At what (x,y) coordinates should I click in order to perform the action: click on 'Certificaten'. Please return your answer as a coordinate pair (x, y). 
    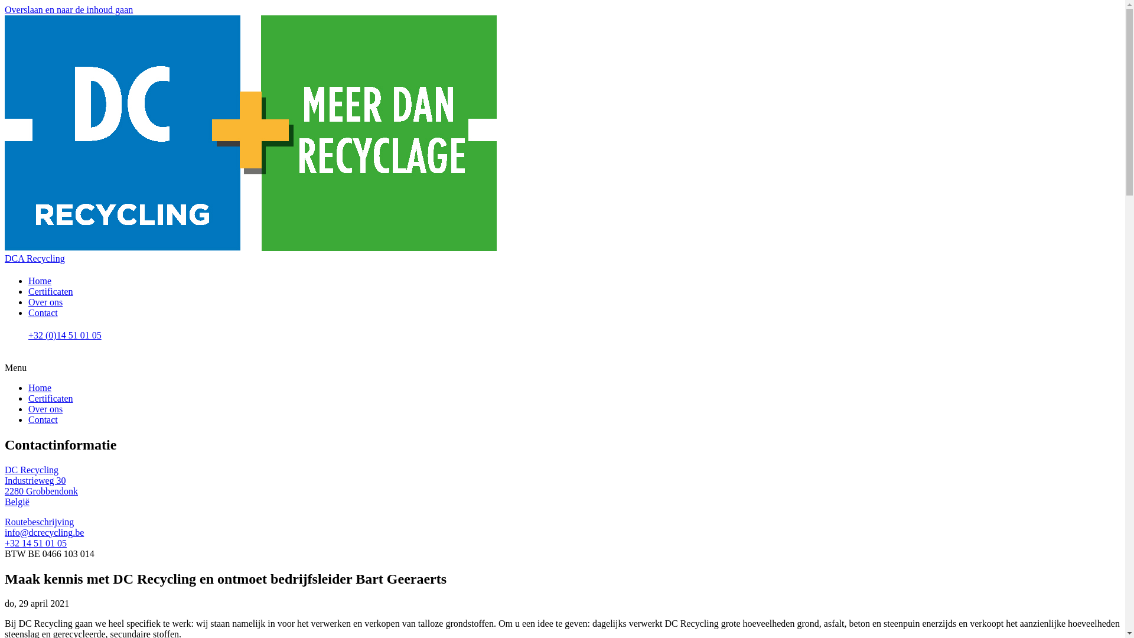
    Looking at the image, I should click on (50, 398).